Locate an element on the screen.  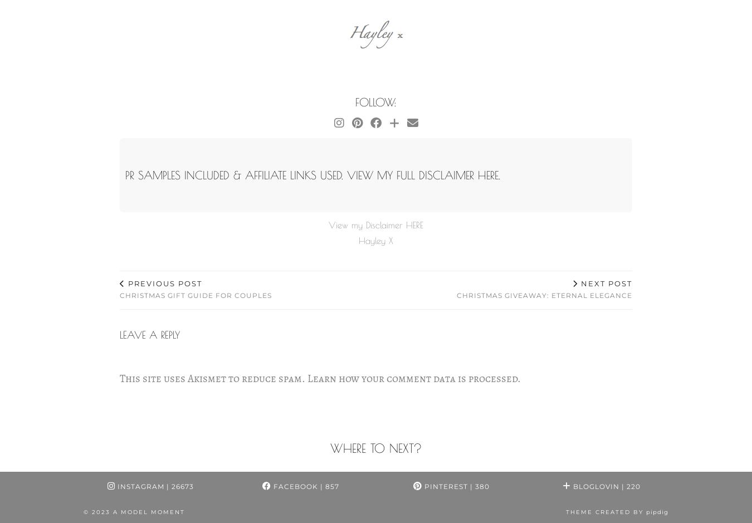
'| 220' is located at coordinates (629, 486).